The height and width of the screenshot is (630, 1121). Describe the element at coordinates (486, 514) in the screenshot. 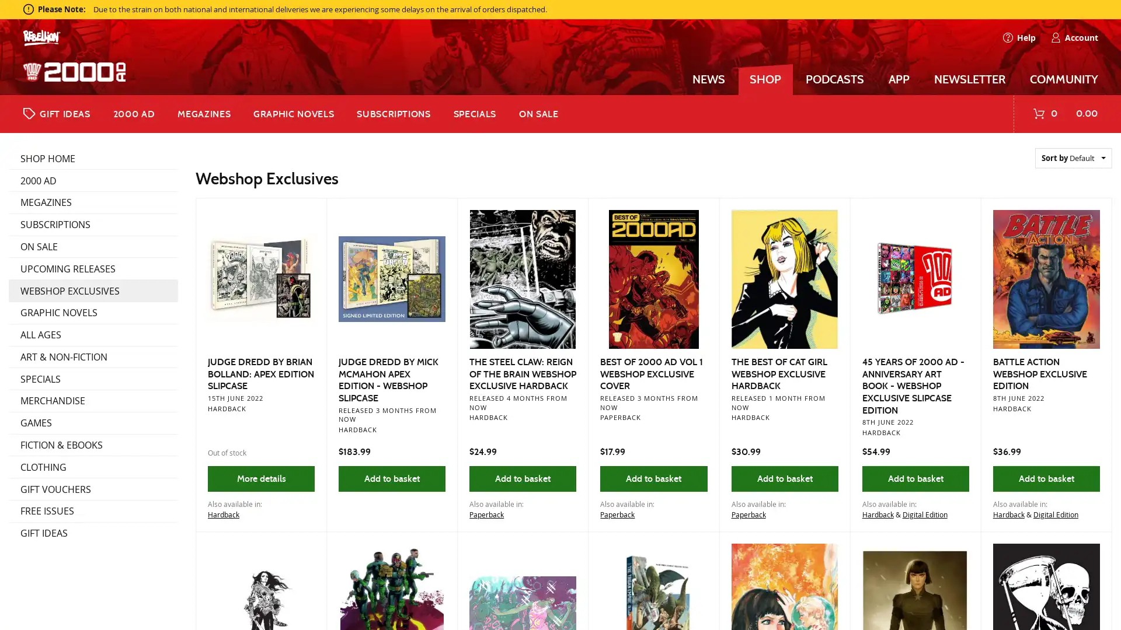

I see `Paperback` at that location.